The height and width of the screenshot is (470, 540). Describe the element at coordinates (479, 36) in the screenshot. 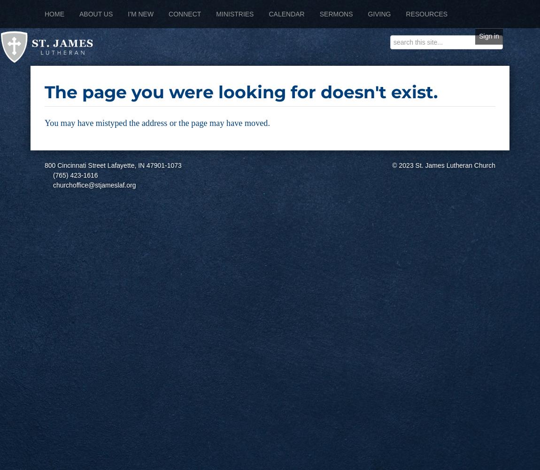

I see `'Sign in'` at that location.